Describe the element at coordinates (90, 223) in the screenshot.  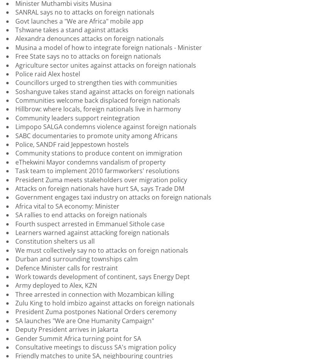
I see `'Fourth suspect arrested in Emmanuel Sithole case'` at that location.